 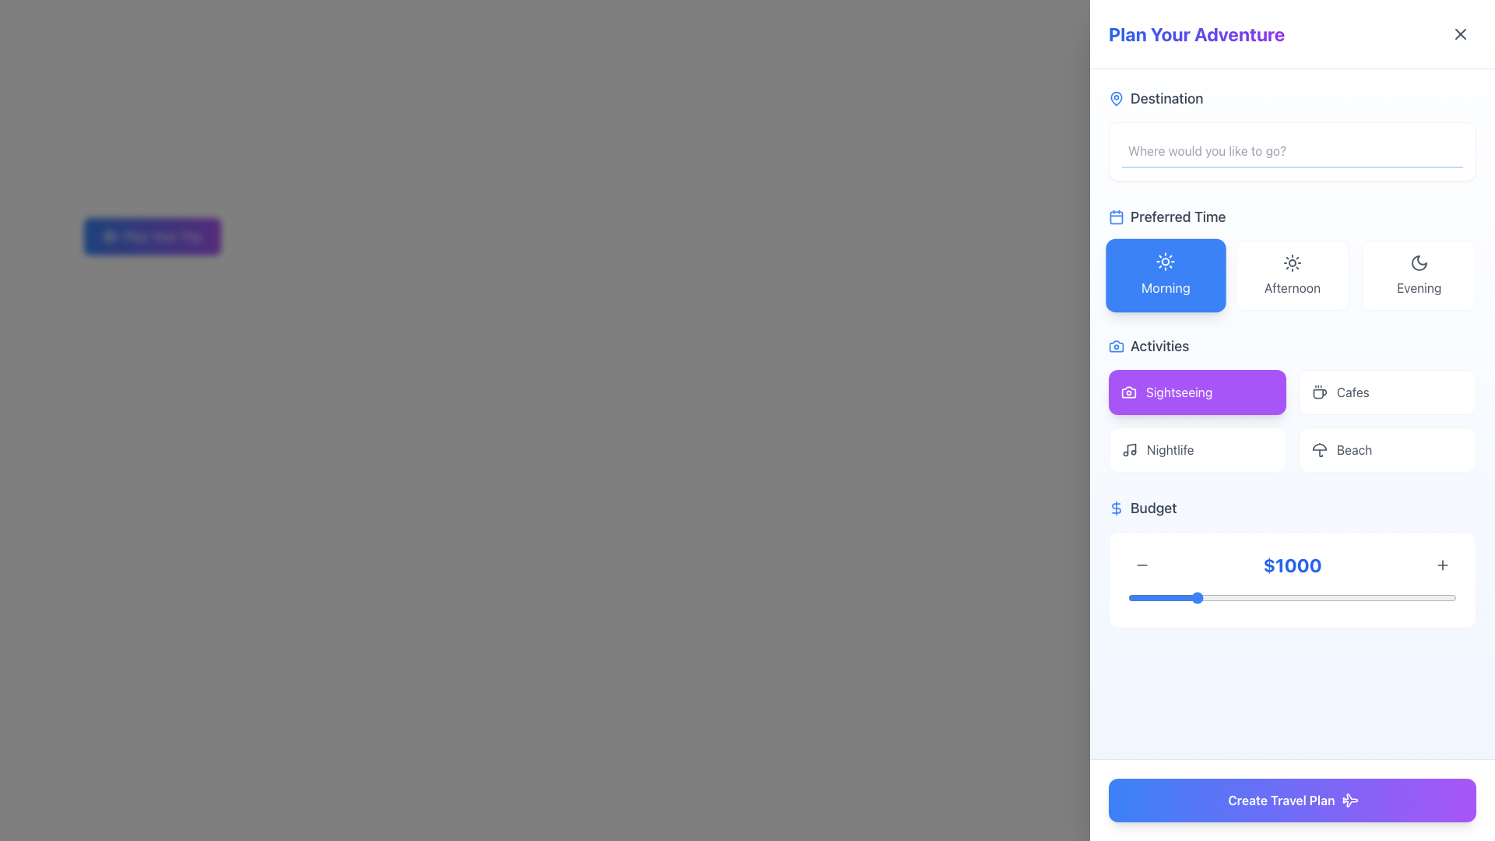 I want to click on the increment budget button located at the far right of the 'Budget' section, next to the displayed value of '$1000', so click(x=1441, y=565).